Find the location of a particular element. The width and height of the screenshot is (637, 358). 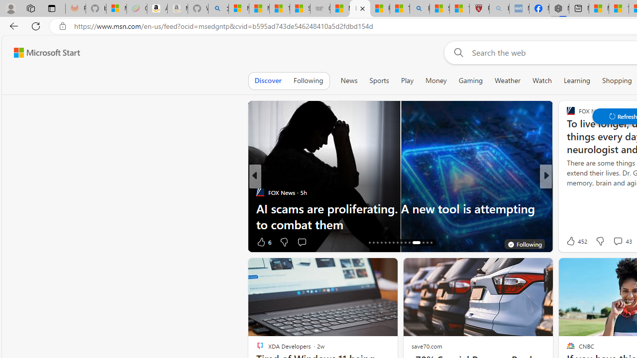

'AutomationID: tab-26' is located at coordinates (409, 243).